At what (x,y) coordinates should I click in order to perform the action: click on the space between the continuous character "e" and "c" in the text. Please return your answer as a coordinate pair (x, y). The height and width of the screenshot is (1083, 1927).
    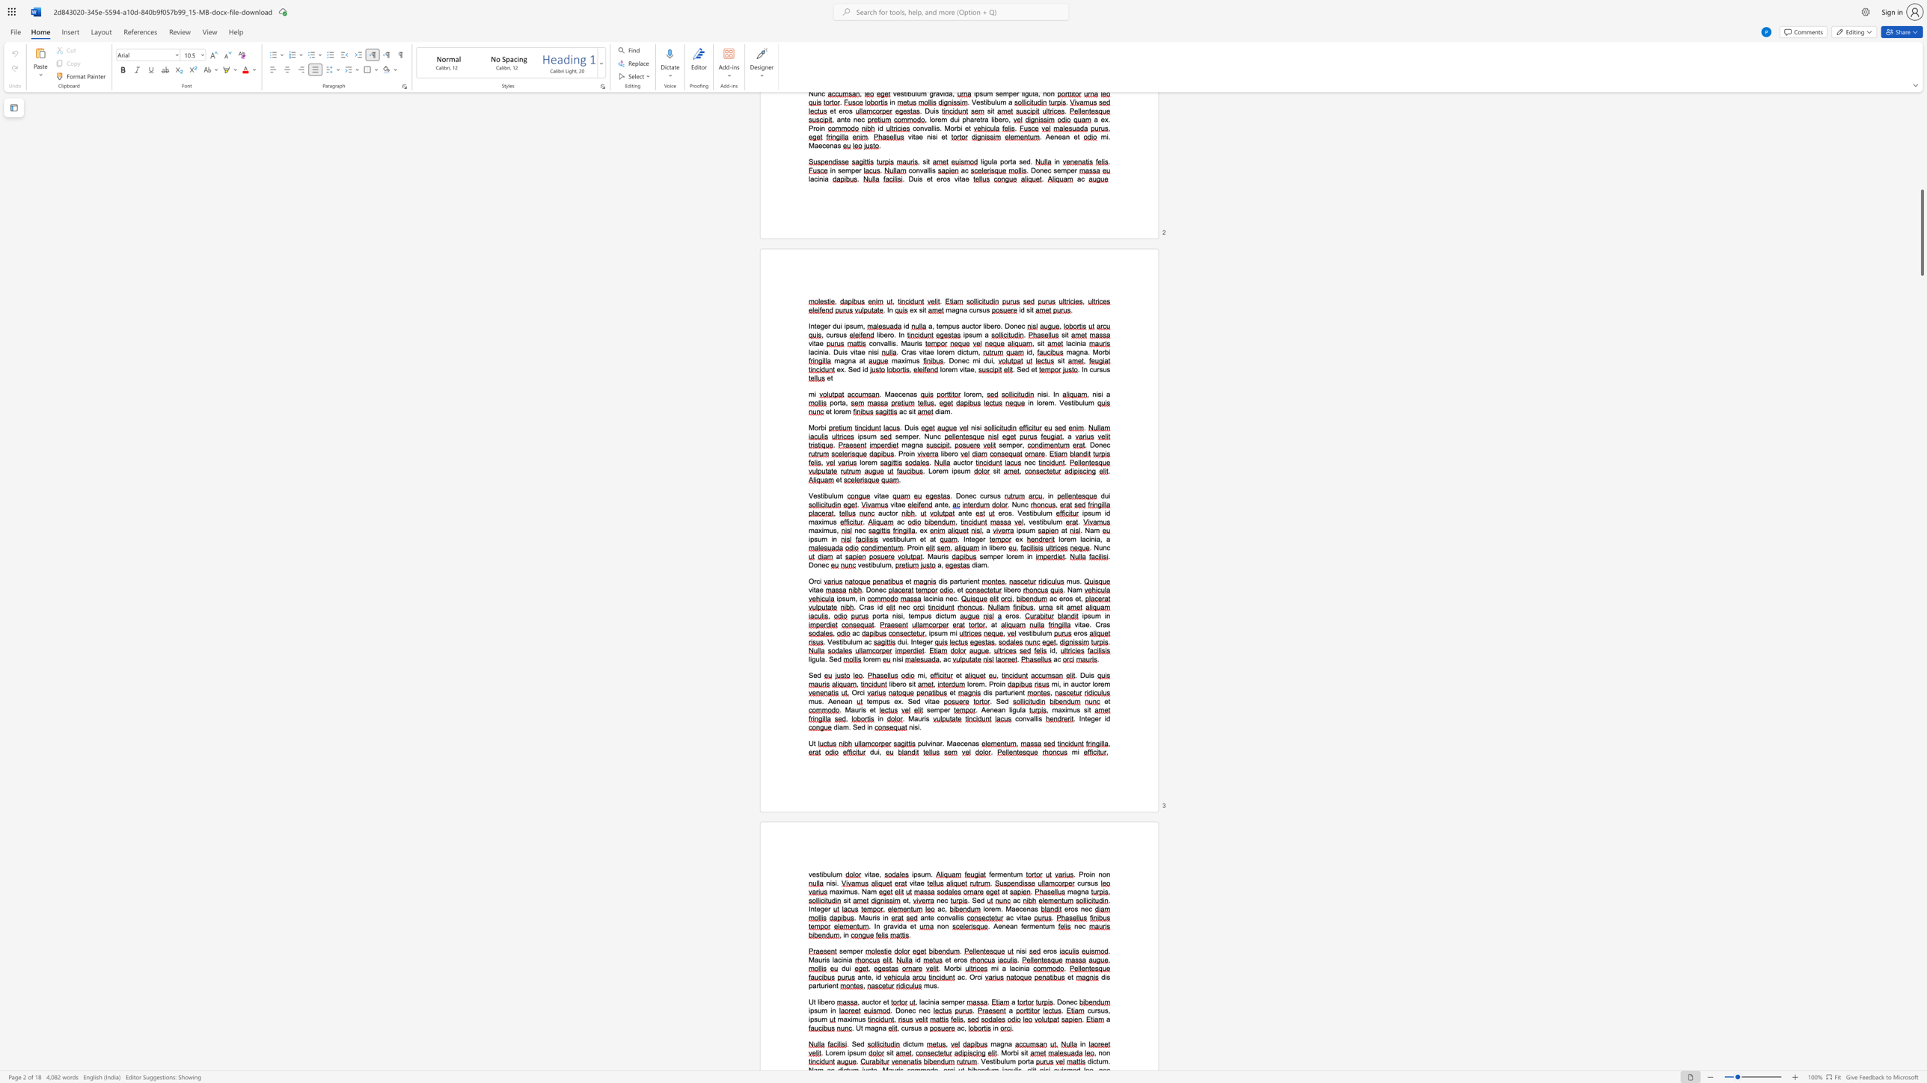
    Looking at the image, I should click on (1088, 909).